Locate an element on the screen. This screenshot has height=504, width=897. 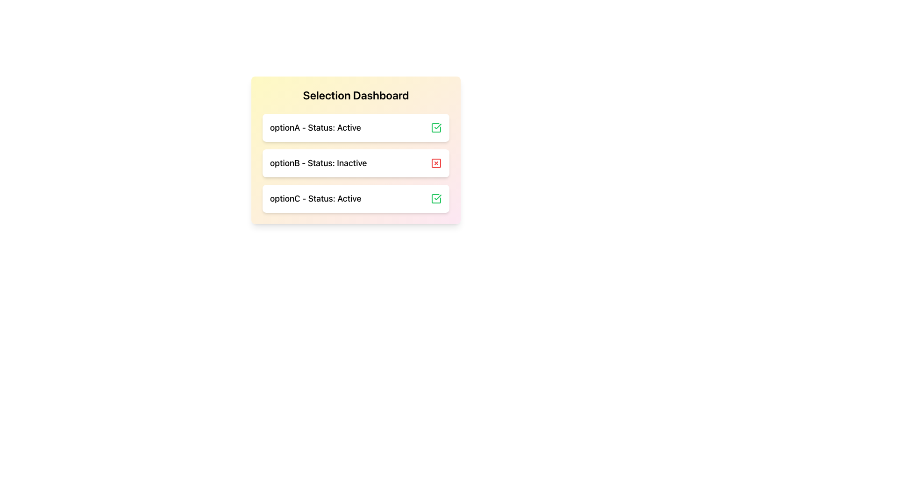
the label displaying 'optionB - Status: Inactive', which is the second selectable option in the vertical list is located at coordinates (318, 163).